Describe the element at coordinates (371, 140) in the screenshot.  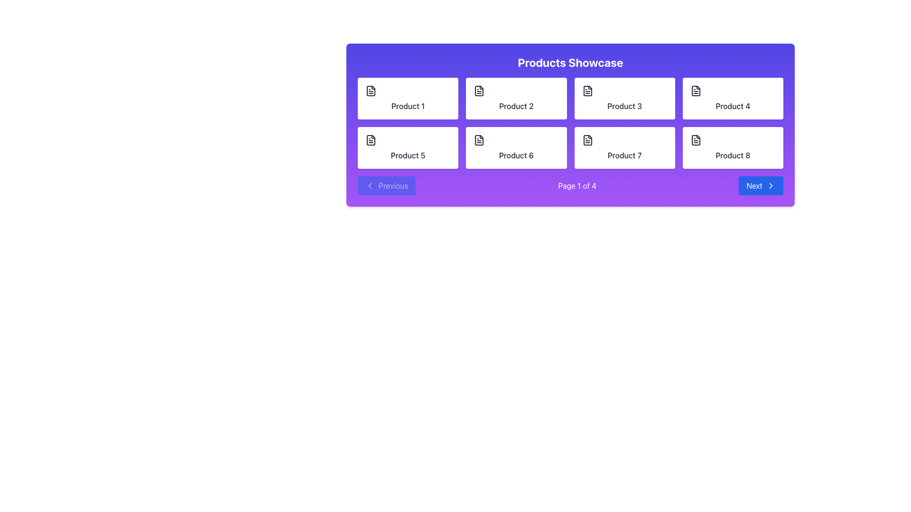
I see `the document icon located in the first column of the second row in the grid layout, which is directly below the 'Product 1' card and to the left of the 'Product 6' card` at that location.